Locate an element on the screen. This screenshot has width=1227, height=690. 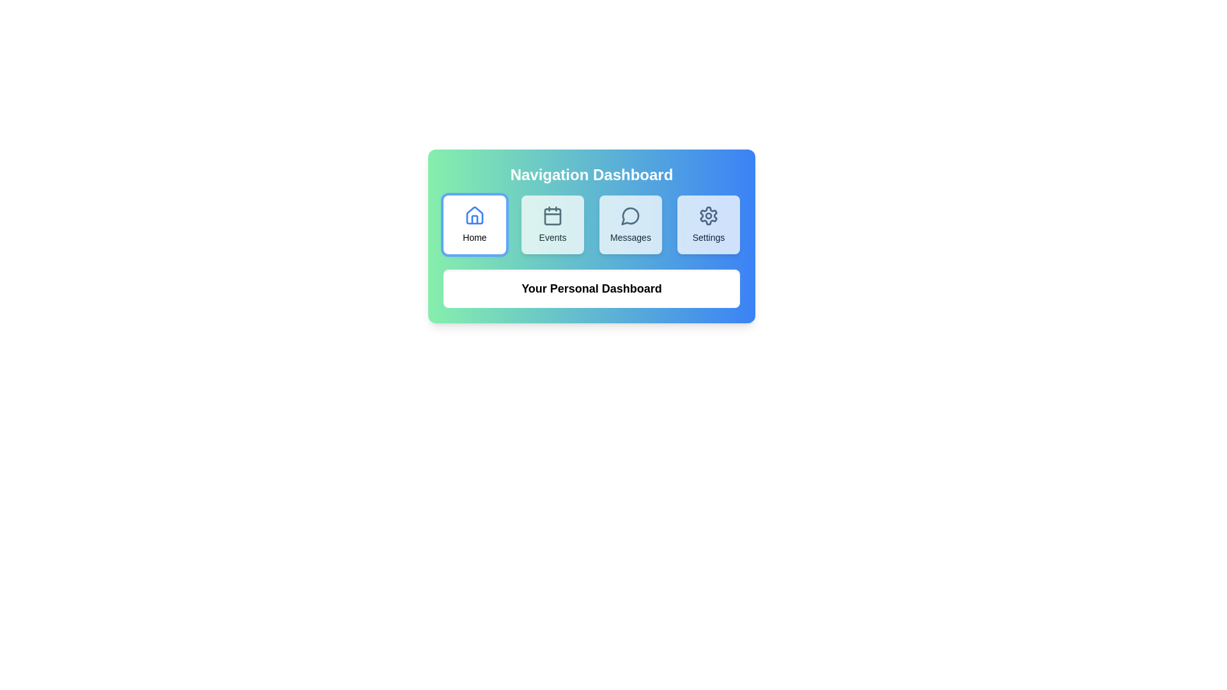
the button labeled 'Settings' with a gear icon to trigger a visual effect is located at coordinates (707, 224).